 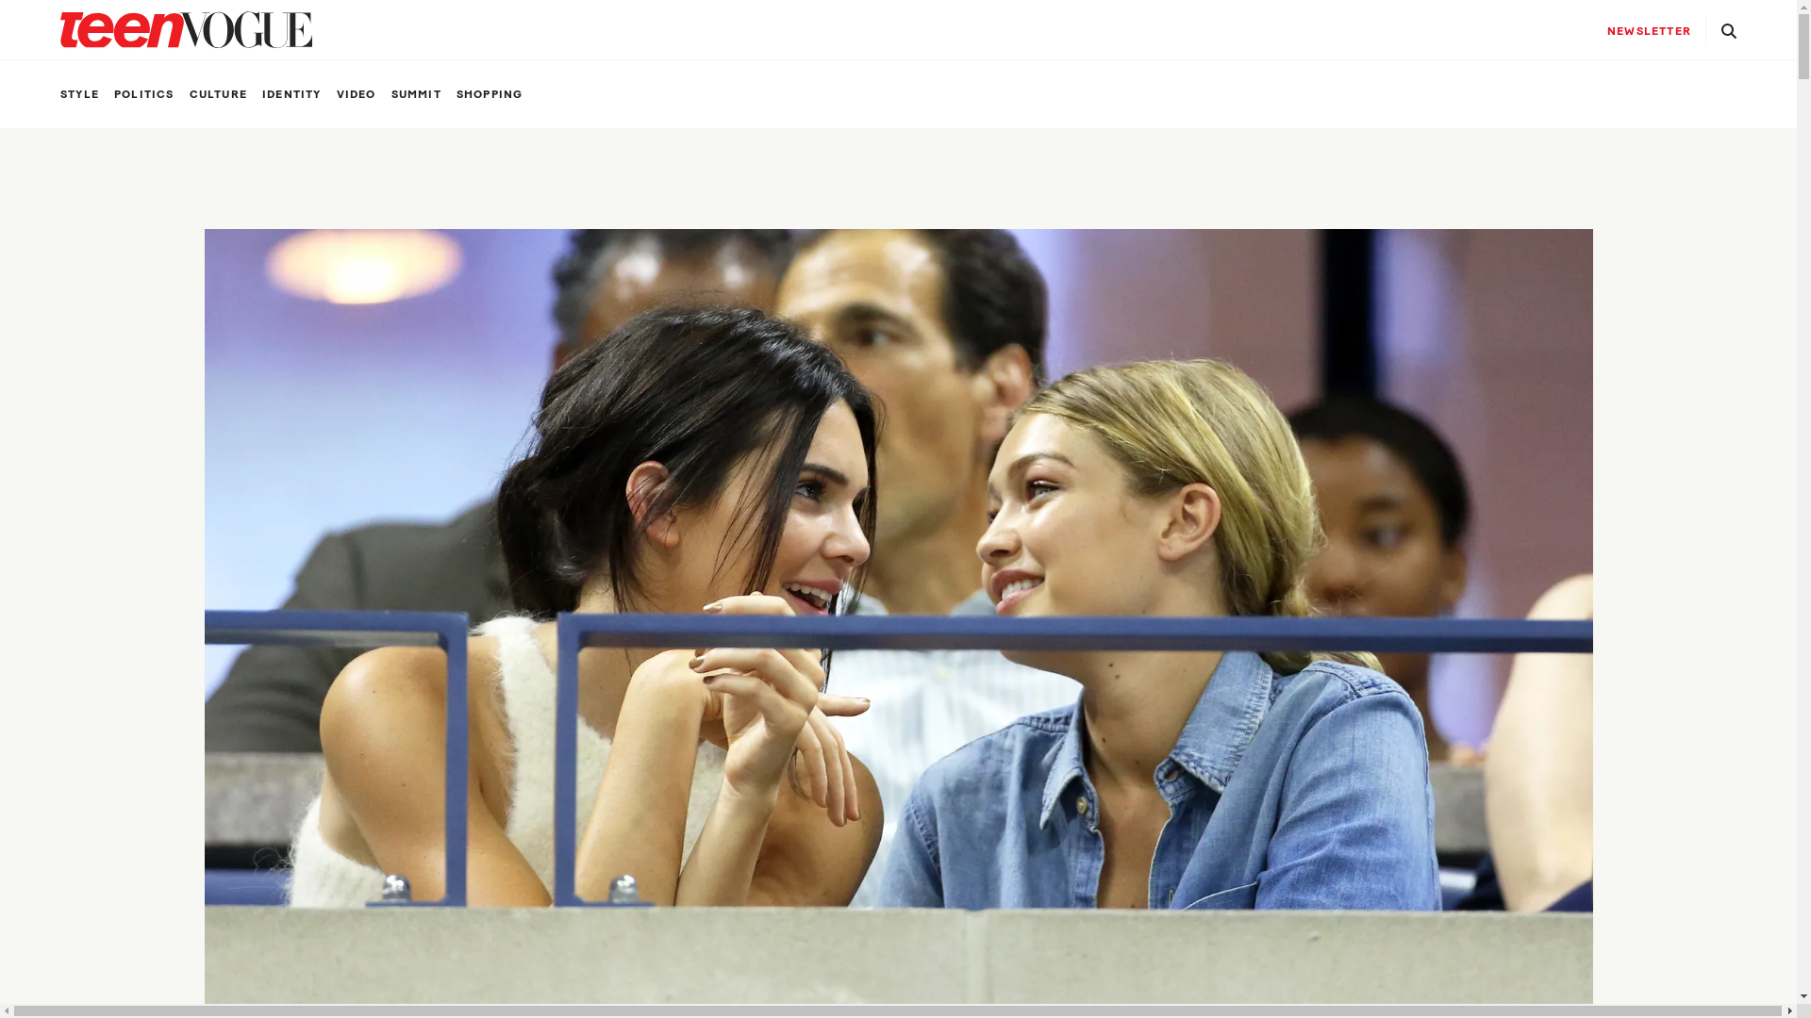 I want to click on 'VIDEO', so click(x=357, y=94).